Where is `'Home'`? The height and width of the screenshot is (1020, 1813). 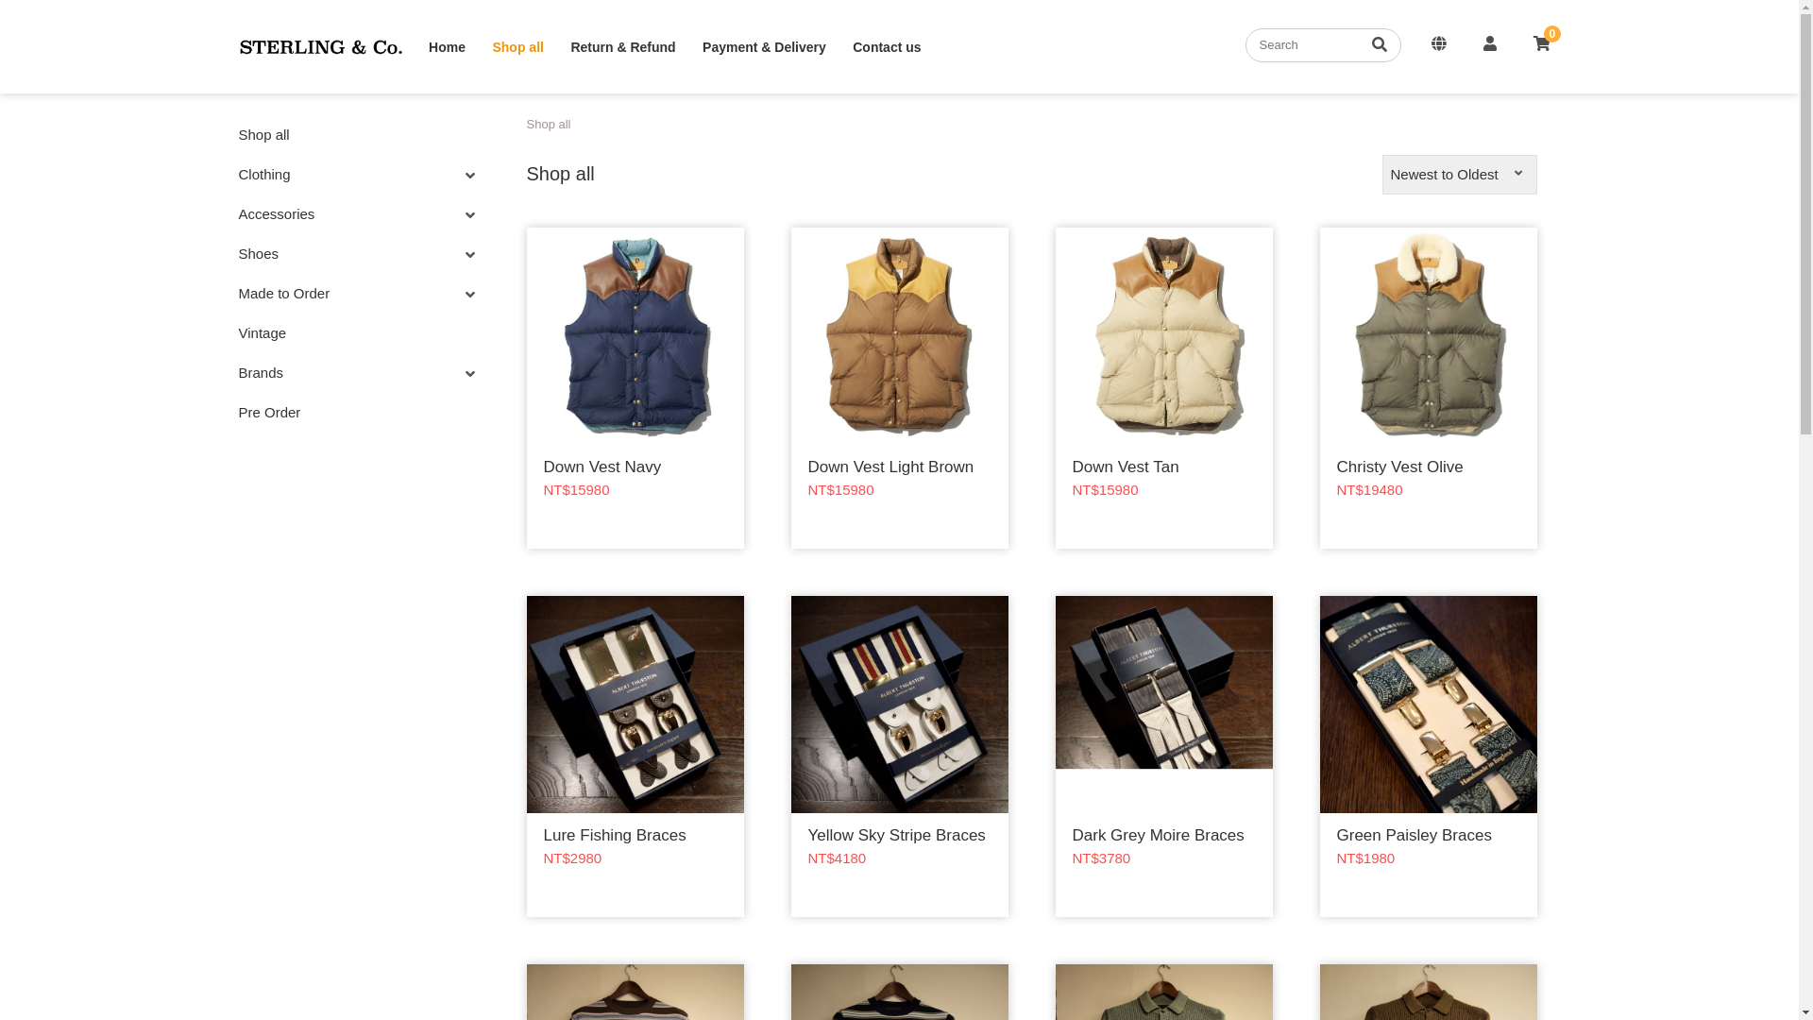
'Home' is located at coordinates (446, 46).